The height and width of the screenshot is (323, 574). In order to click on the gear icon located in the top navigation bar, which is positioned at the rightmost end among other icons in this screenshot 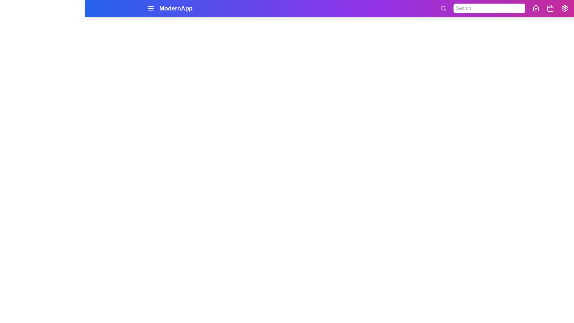, I will do `click(564, 8)`.